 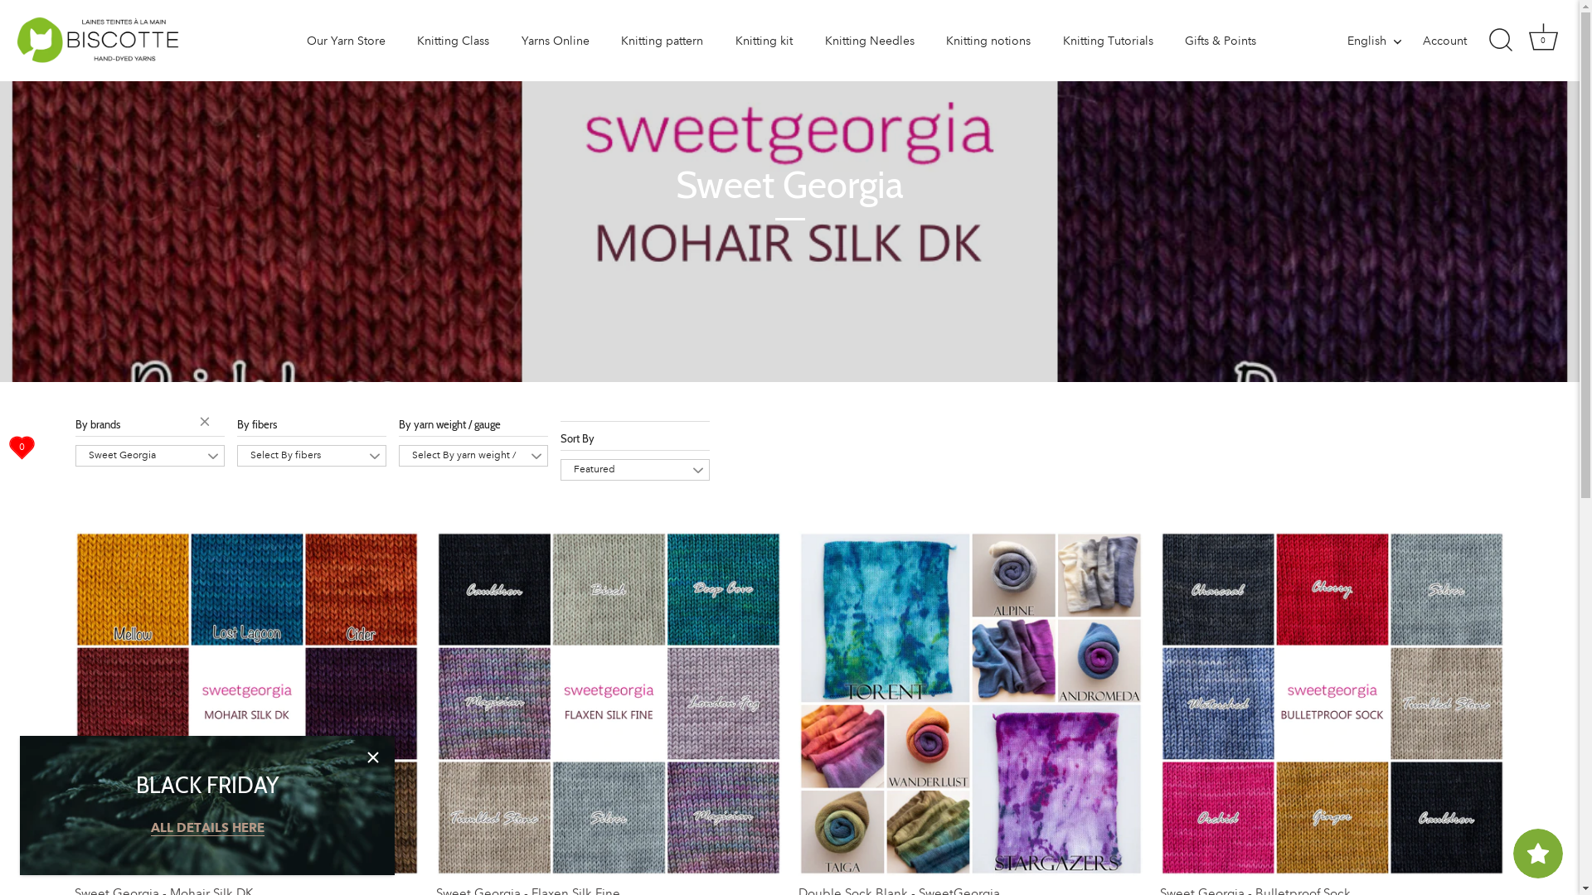 What do you see at coordinates (988, 40) in the screenshot?
I see `'Knitting notions'` at bounding box center [988, 40].